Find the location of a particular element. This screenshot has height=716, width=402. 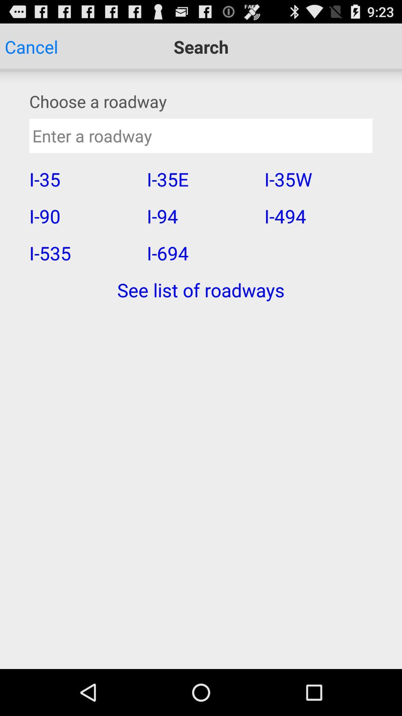

choose a roadway app is located at coordinates (201, 101).